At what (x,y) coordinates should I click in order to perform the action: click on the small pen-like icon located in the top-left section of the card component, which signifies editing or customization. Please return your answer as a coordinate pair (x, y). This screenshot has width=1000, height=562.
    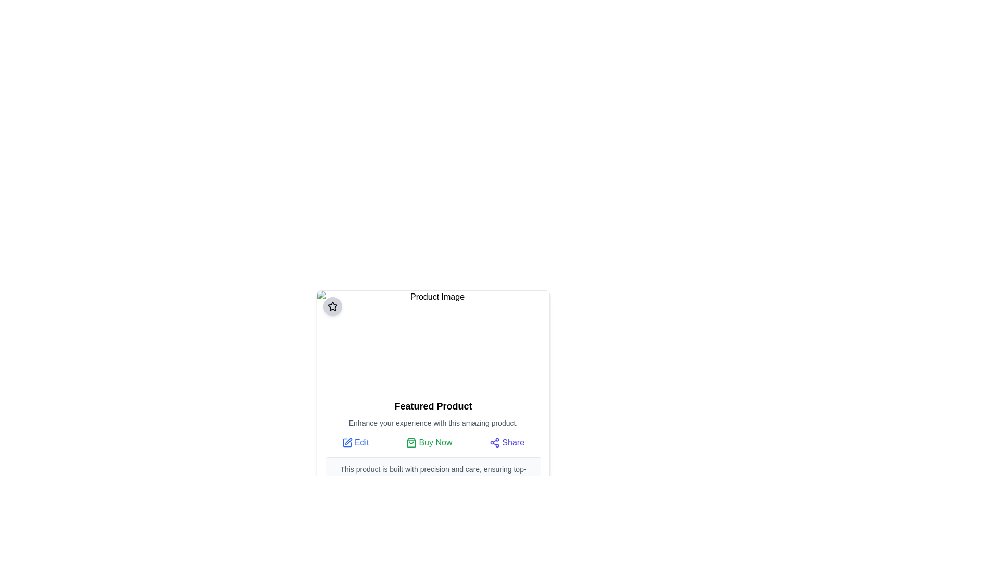
    Looking at the image, I should click on (348, 441).